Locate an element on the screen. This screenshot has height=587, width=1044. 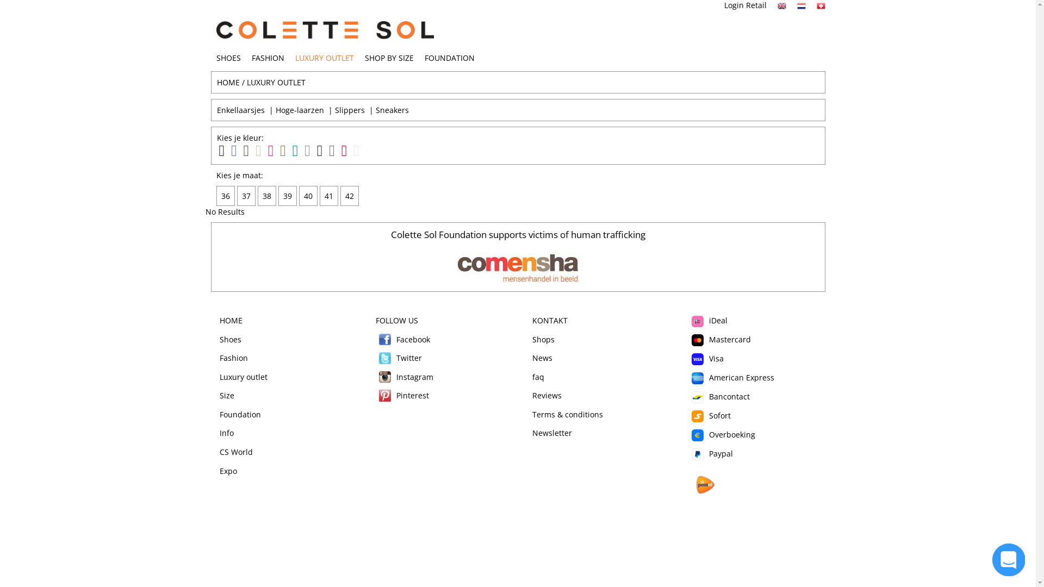
'Luxury outlet' is located at coordinates (243, 376).